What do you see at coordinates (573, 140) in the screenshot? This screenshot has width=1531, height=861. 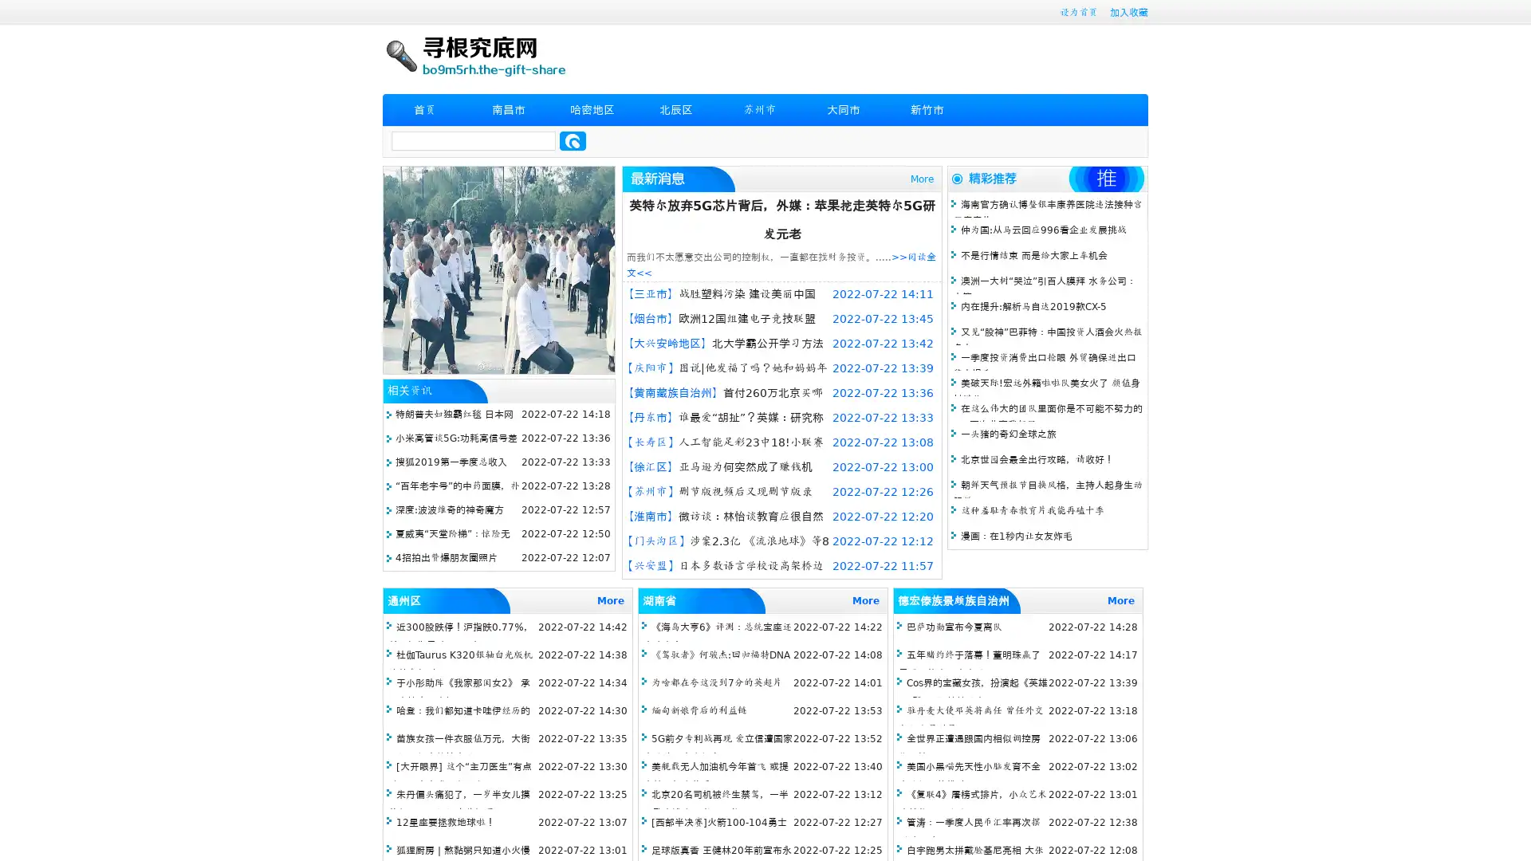 I see `Search` at bounding box center [573, 140].